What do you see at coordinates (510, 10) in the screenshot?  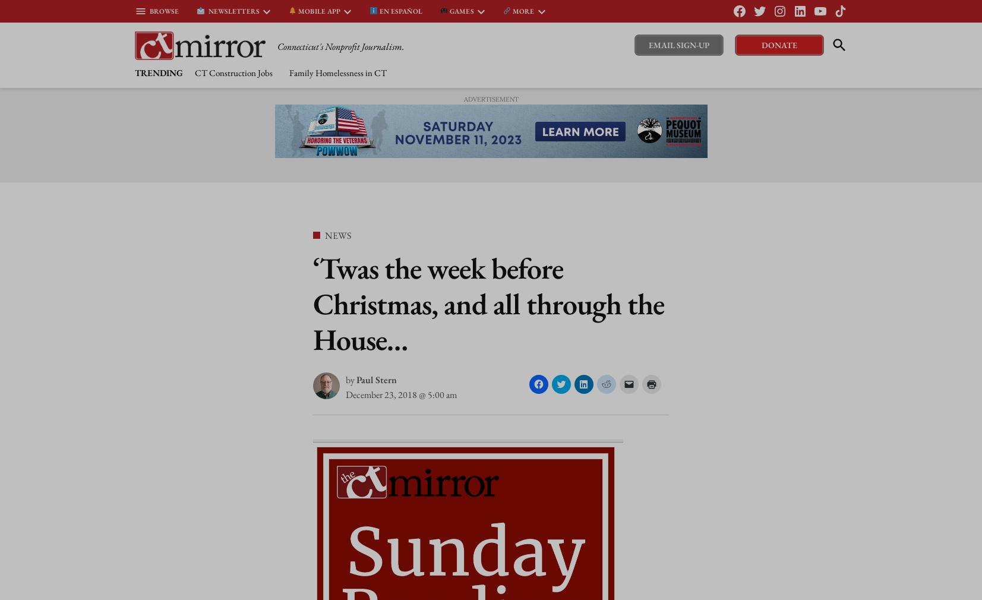 I see `'More'` at bounding box center [510, 10].